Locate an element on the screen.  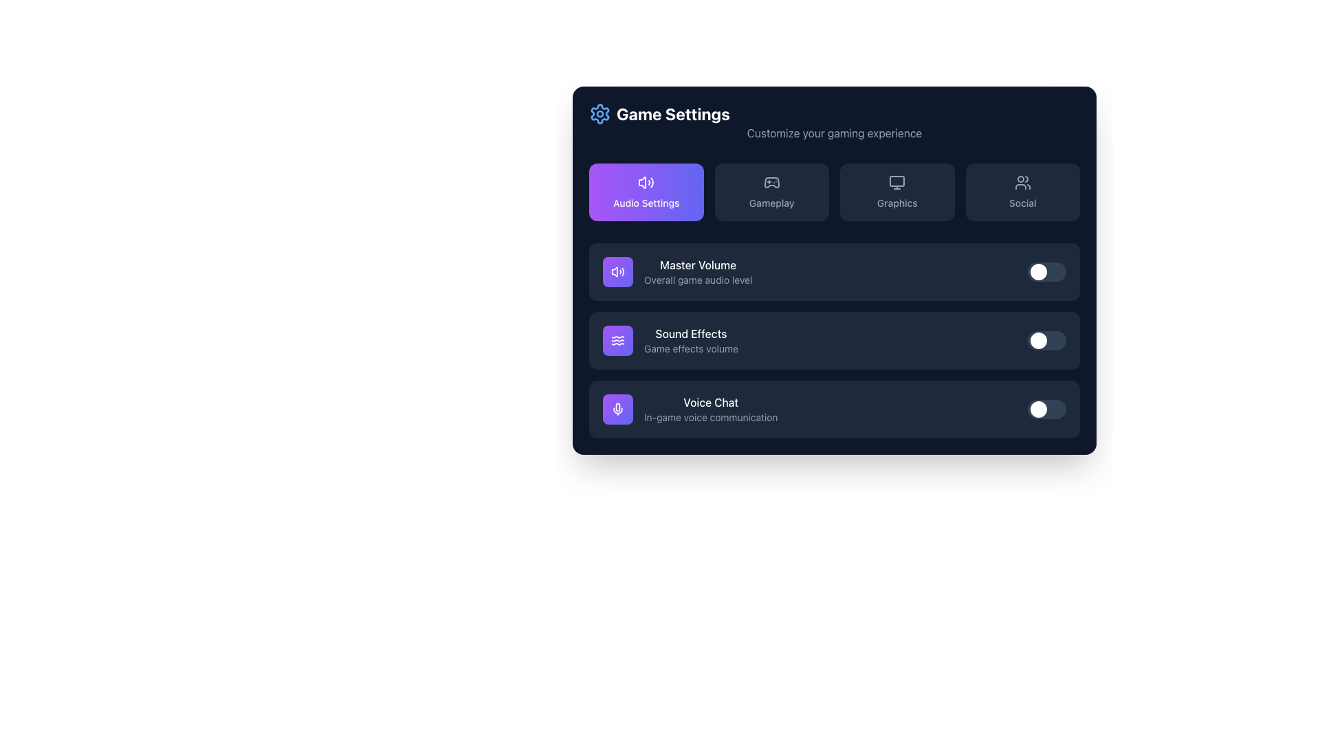
the 'Gameplay' button, which is a rectangular button with a game controller icon above the text, located in the second position of a horizontal grid of buttons is located at coordinates (771, 192).